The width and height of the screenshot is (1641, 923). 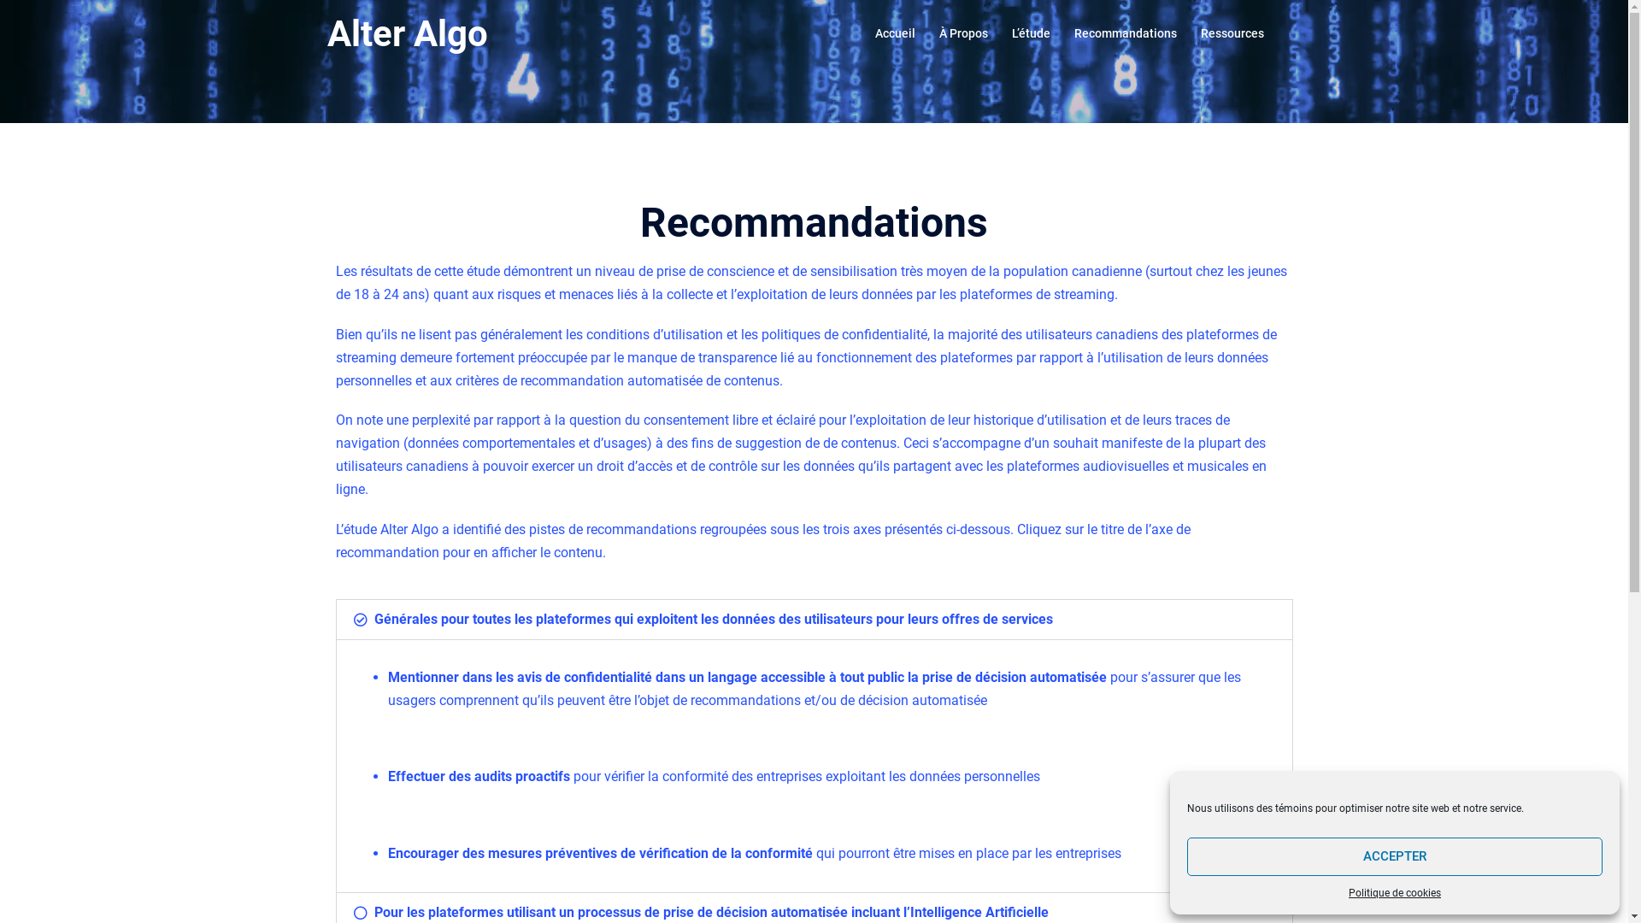 I want to click on 'Accueil', so click(x=894, y=33).